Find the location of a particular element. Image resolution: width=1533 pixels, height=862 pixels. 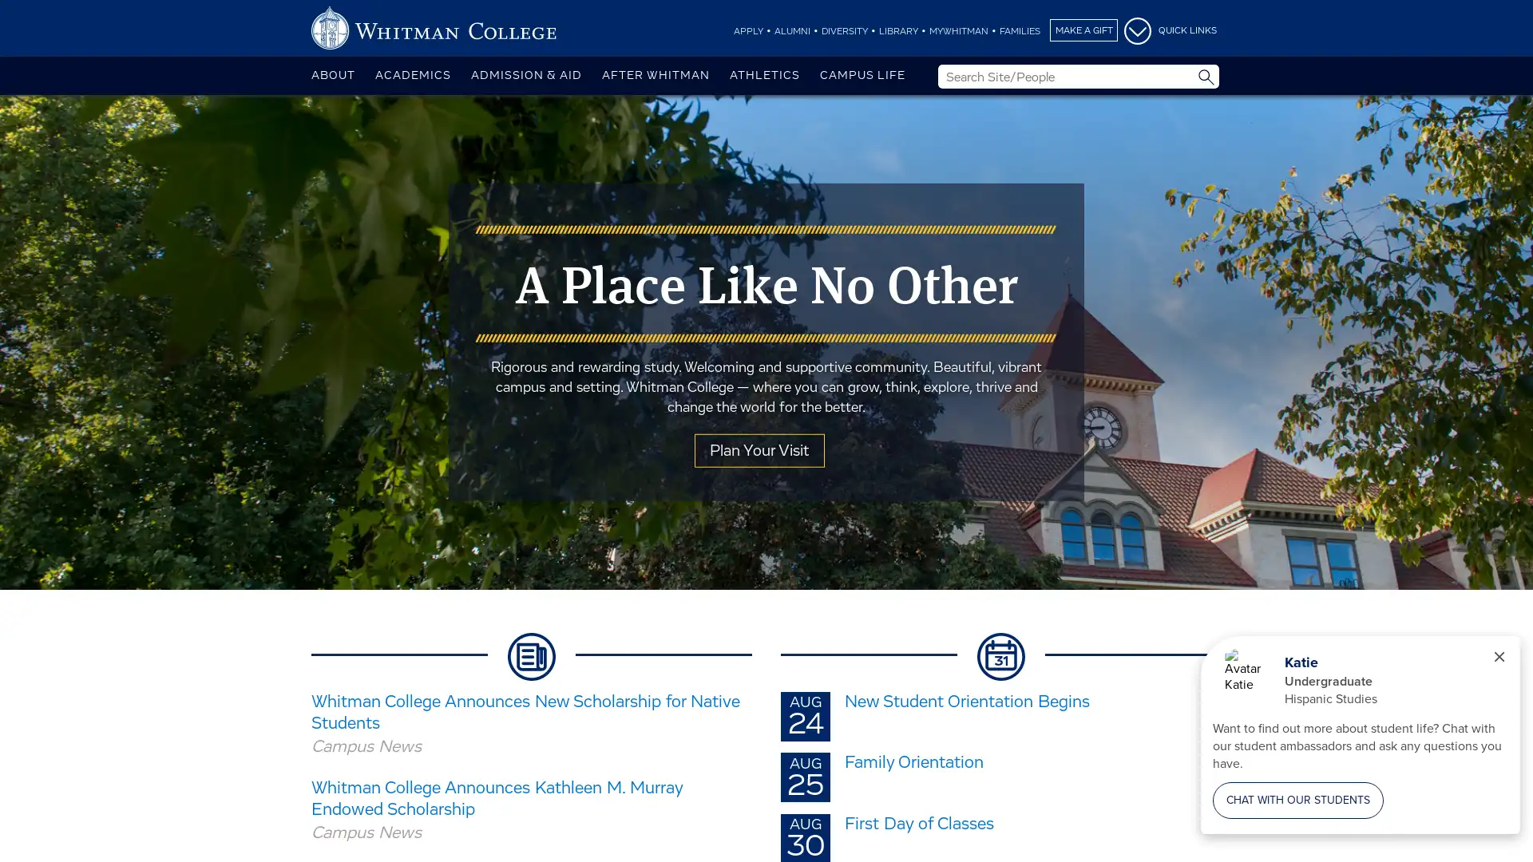

Submit Search is located at coordinates (1206, 76).